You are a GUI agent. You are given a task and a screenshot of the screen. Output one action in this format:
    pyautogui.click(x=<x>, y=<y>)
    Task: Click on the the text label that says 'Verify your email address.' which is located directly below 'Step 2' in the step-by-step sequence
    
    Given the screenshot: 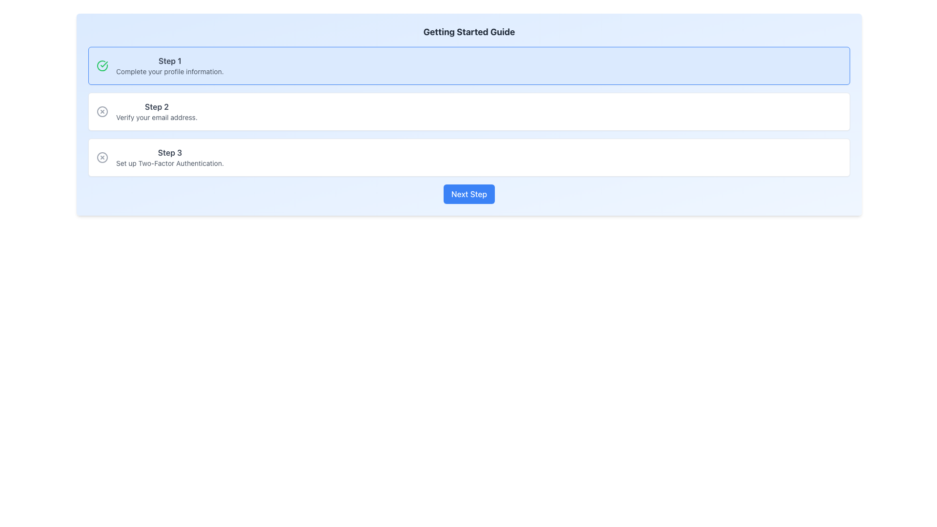 What is the action you would take?
    pyautogui.click(x=157, y=117)
    